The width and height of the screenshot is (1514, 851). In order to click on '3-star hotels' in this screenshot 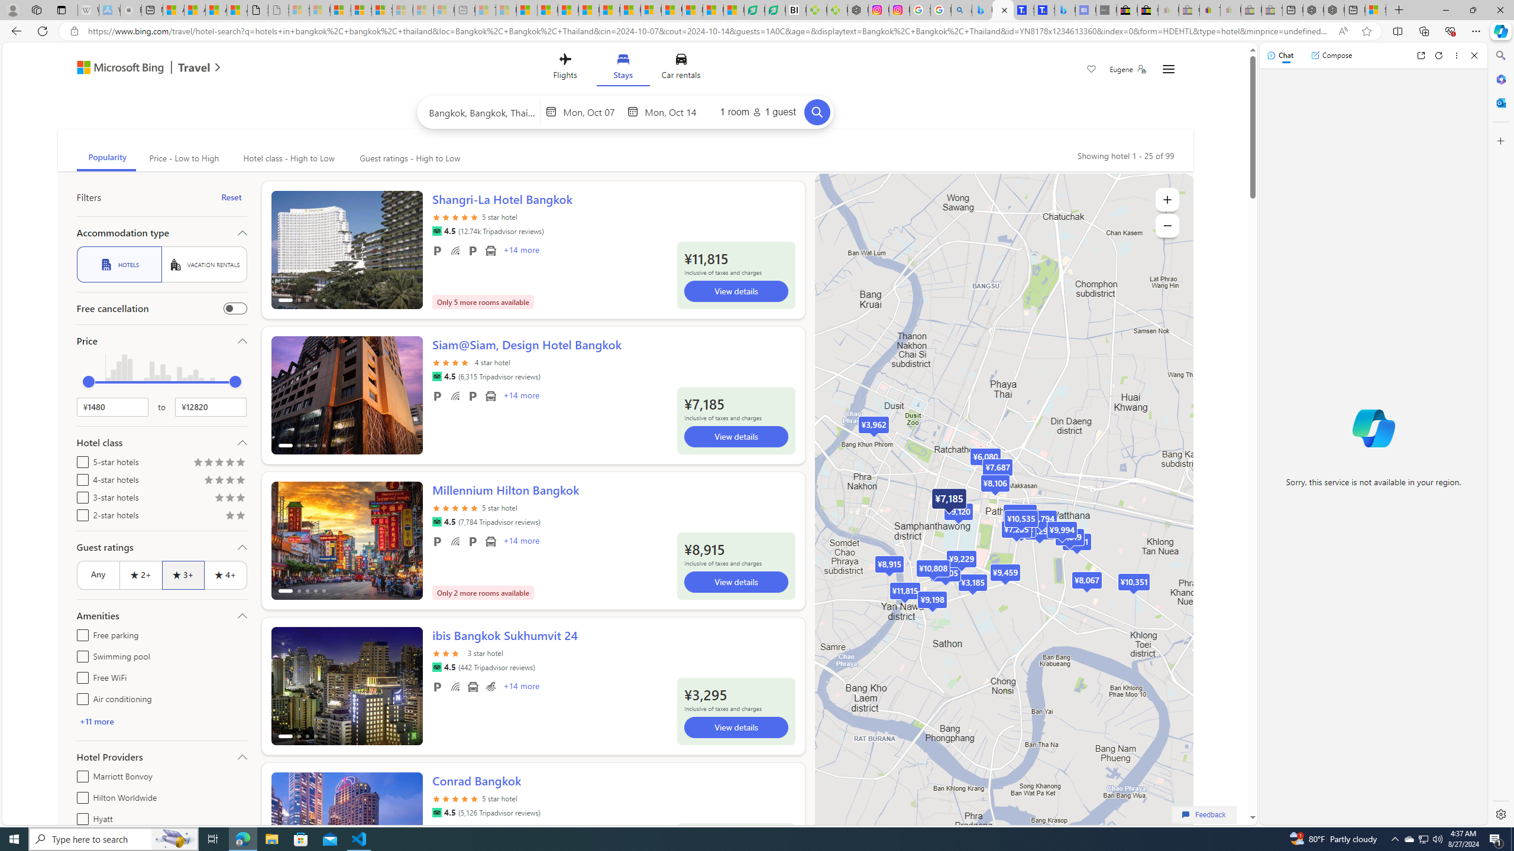, I will do `click(79, 495)`.